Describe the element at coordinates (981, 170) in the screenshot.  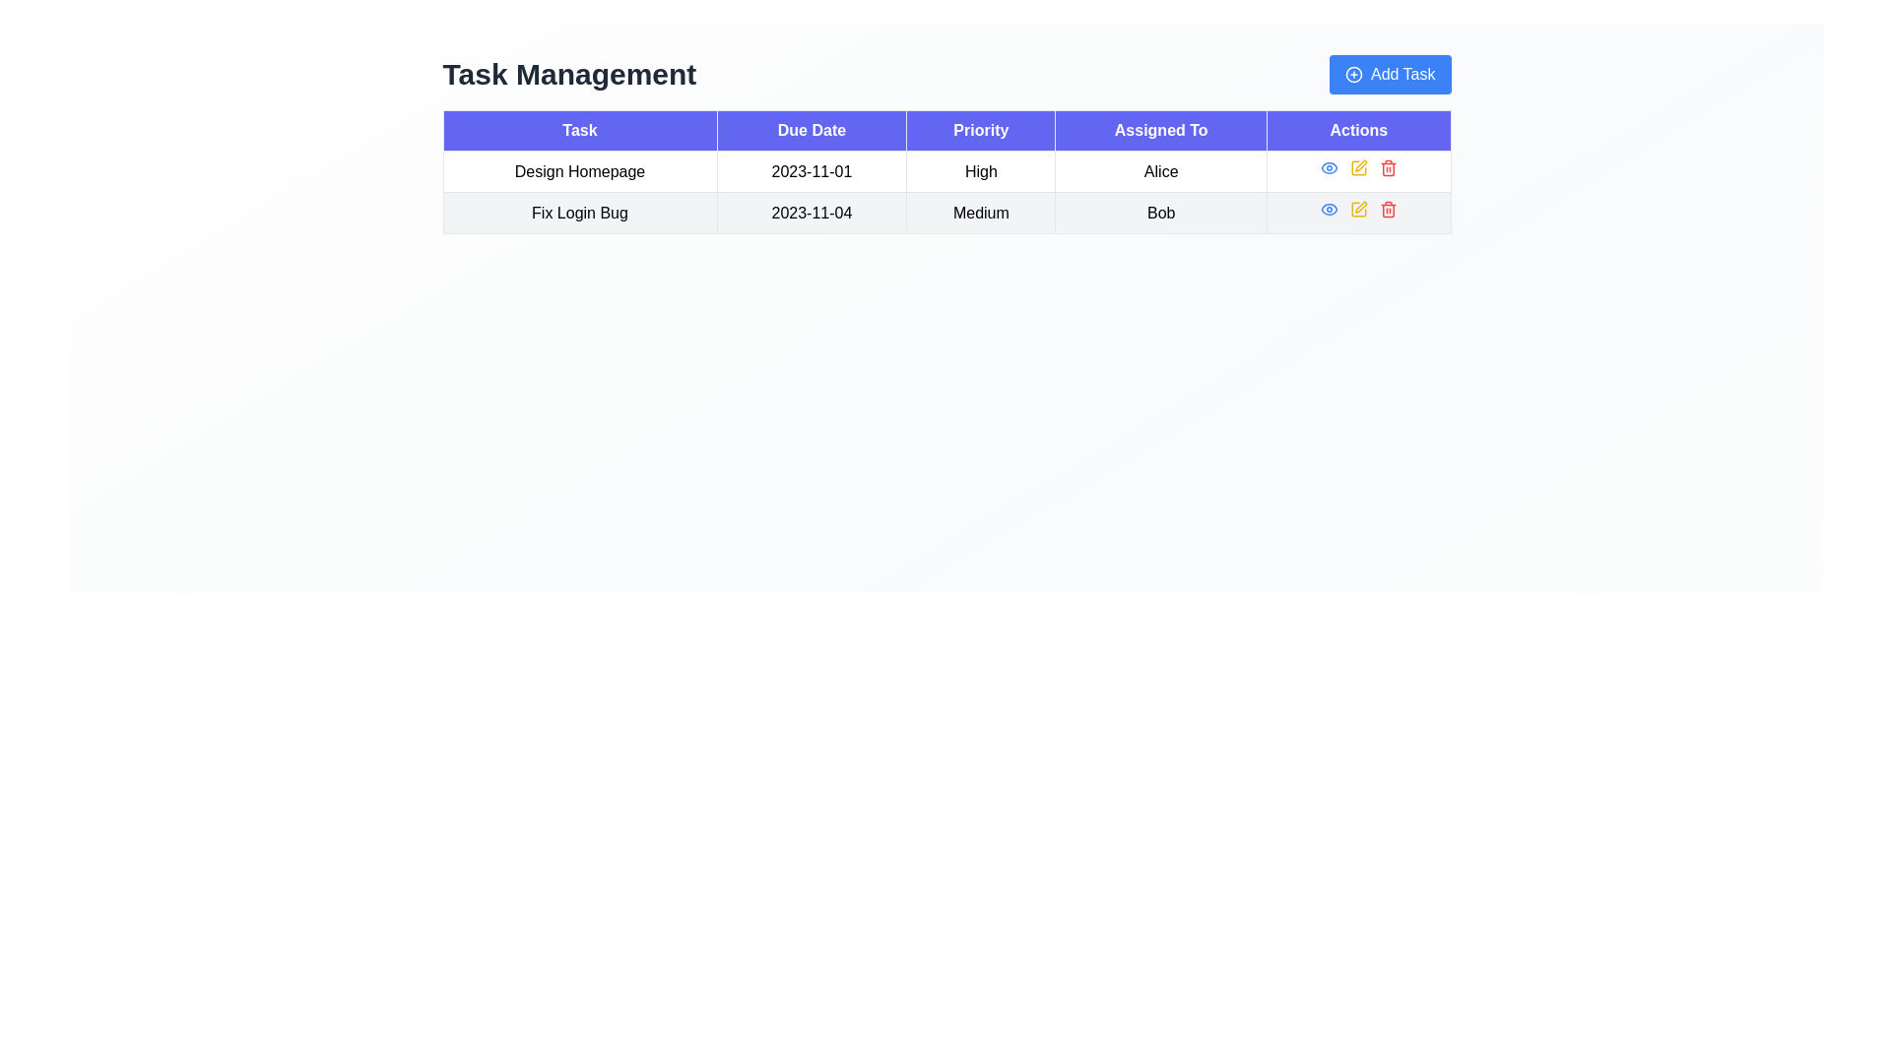
I see `the priority level Table Cell in the task management table, located under the 'Priority' header in the first row` at that location.